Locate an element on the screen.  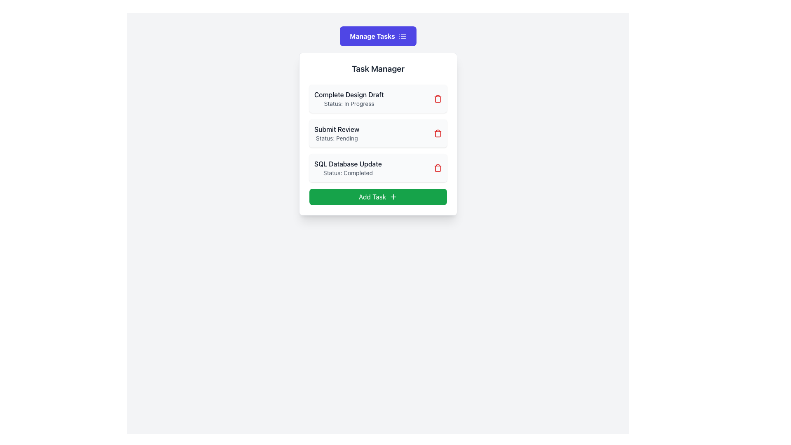
the Text Display Box that represents a task item, displaying the task title and current status, located directly under the 'Task Manager' title is located at coordinates (377, 98).